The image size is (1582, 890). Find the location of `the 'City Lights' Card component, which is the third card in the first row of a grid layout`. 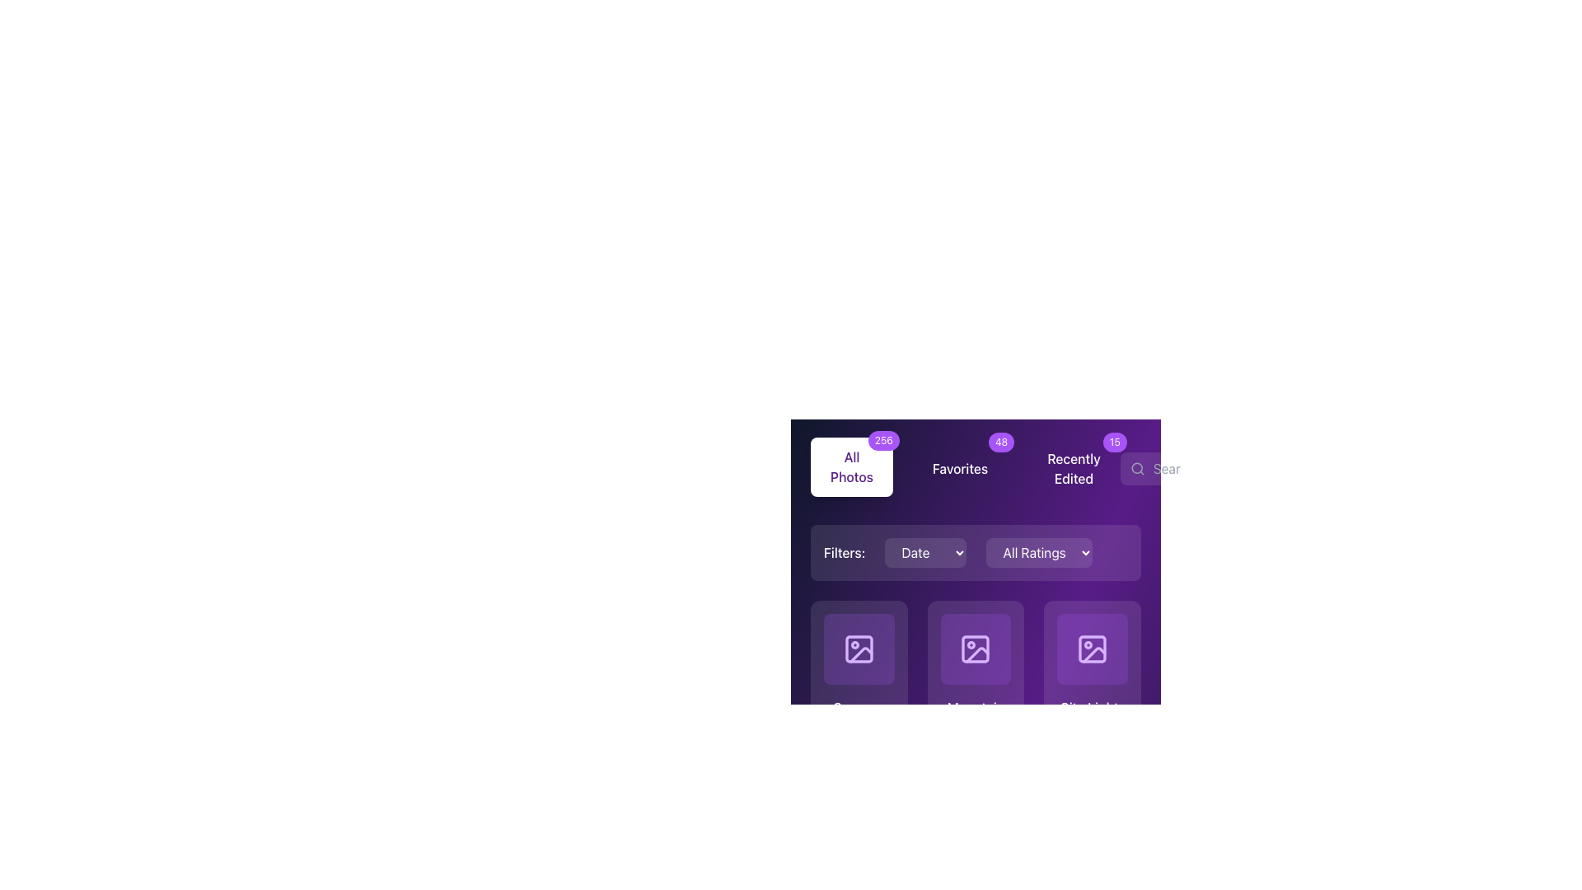

the 'City Lights' Card component, which is the third card in the first row of a grid layout is located at coordinates (1093, 683).